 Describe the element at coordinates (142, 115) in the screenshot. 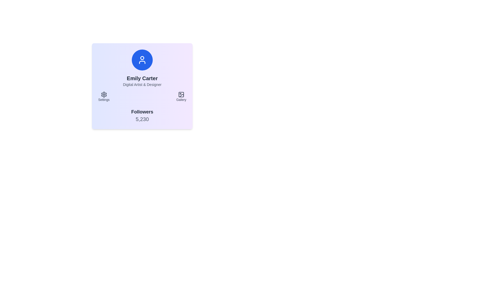

I see `the text display element that shows the number of followers on the profile card, located at the bottom section below 'Settings' and 'Gallery'` at that location.